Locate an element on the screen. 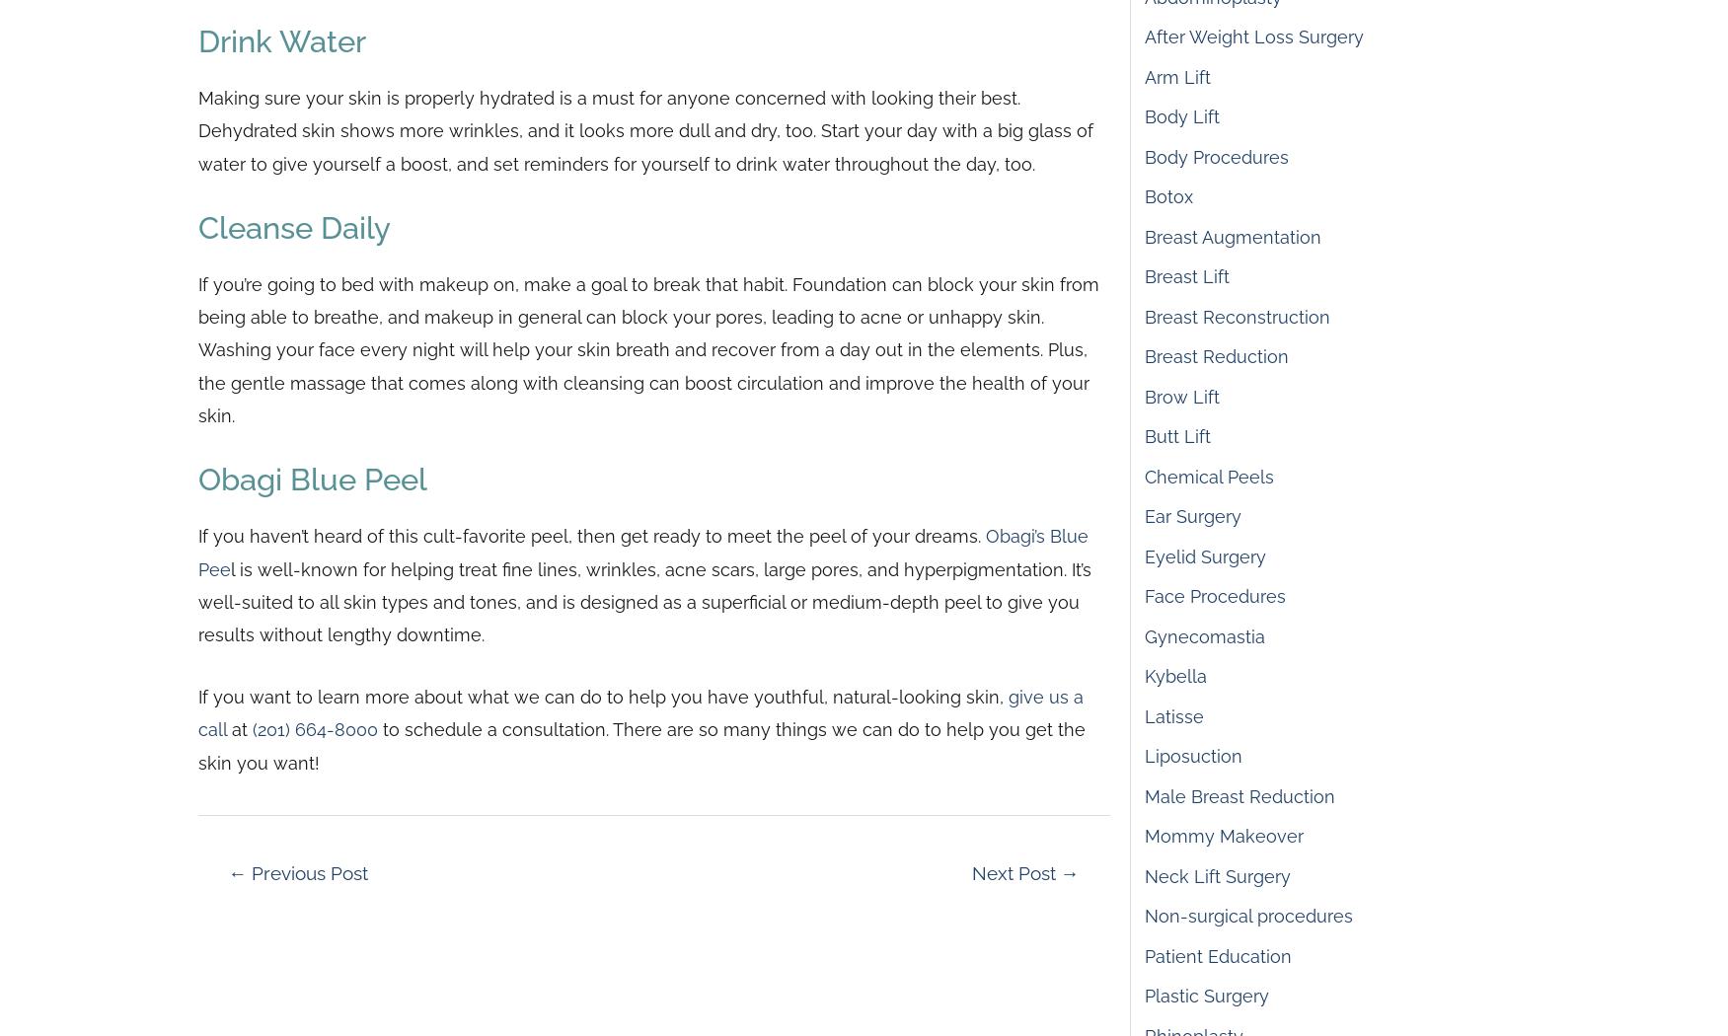 The height and width of the screenshot is (1036, 1728). '* All indicated fields must be completed.' is located at coordinates (361, 102).